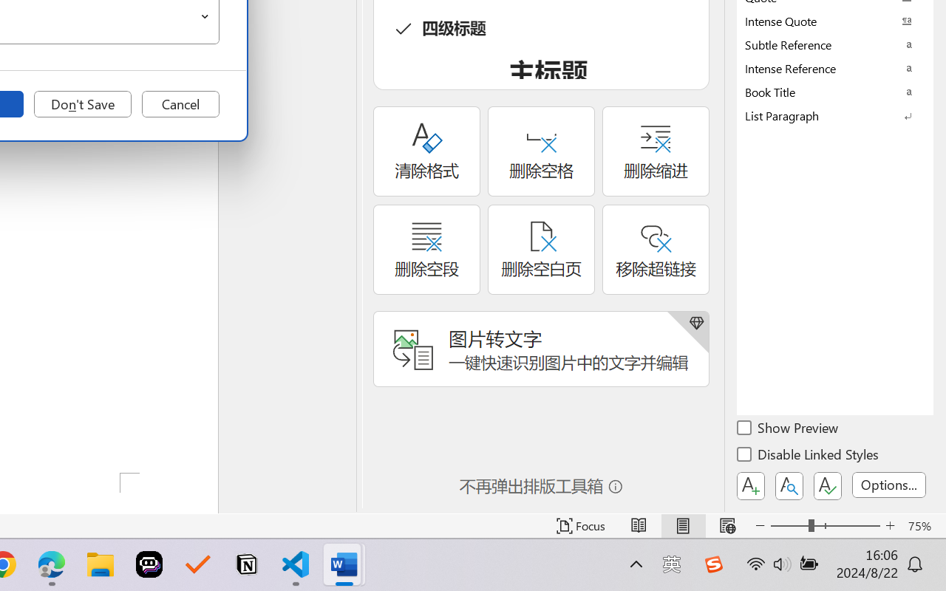 The height and width of the screenshot is (591, 946). Describe the element at coordinates (835, 21) in the screenshot. I see `'Intense Quote'` at that location.